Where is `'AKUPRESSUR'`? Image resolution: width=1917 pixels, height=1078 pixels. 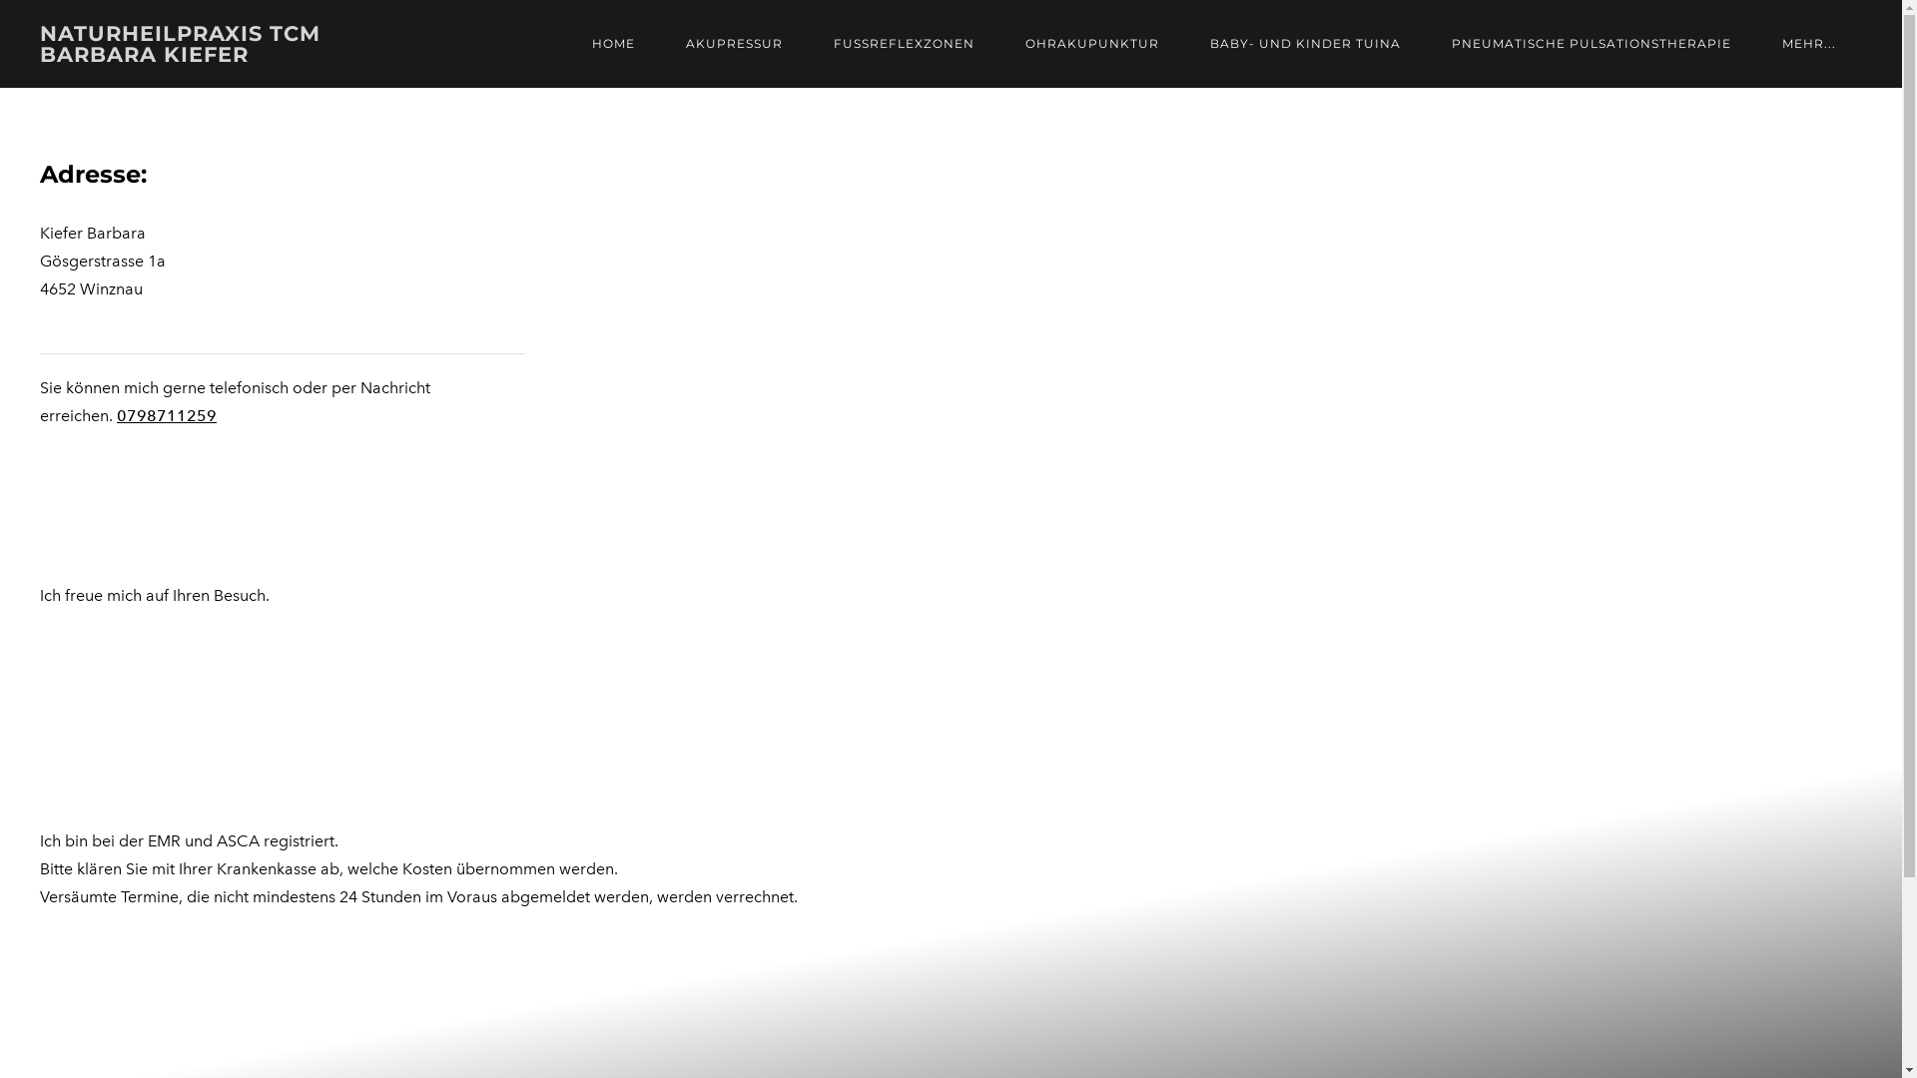 'AKUPRESSUR' is located at coordinates (665, 43).